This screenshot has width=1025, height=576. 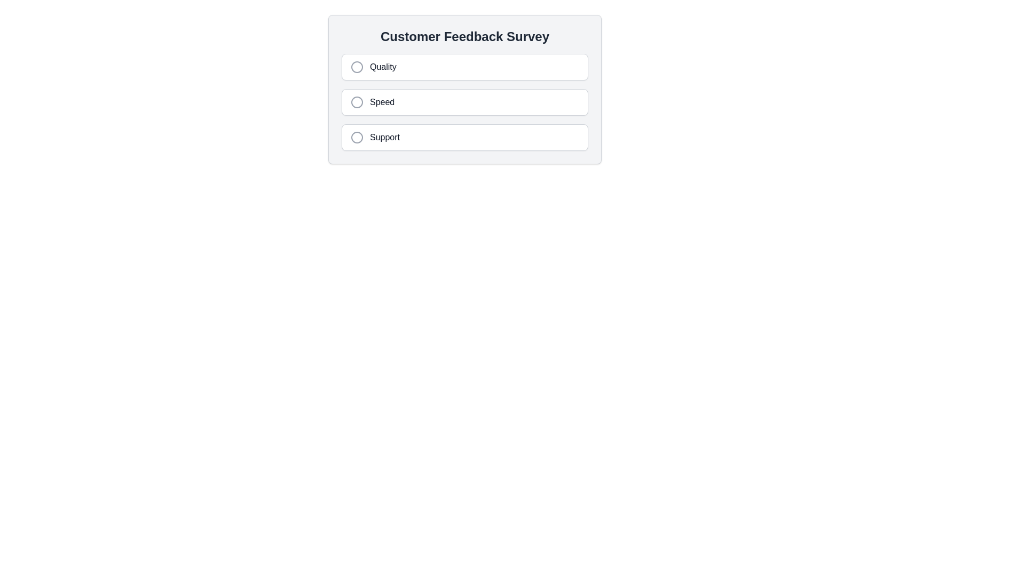 What do you see at coordinates (464, 102) in the screenshot?
I see `the second radio button labeled 'Speed' within the radiogroup in the 'Customer Feedback Survey'` at bounding box center [464, 102].